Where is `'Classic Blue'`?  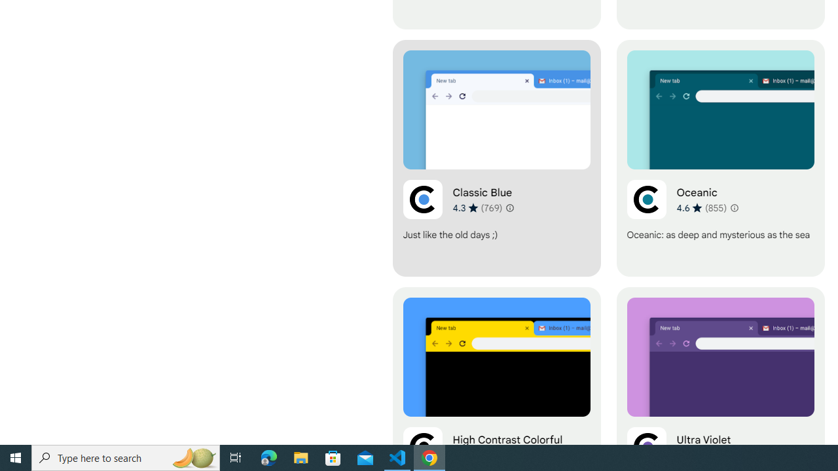 'Classic Blue' is located at coordinates (496, 158).